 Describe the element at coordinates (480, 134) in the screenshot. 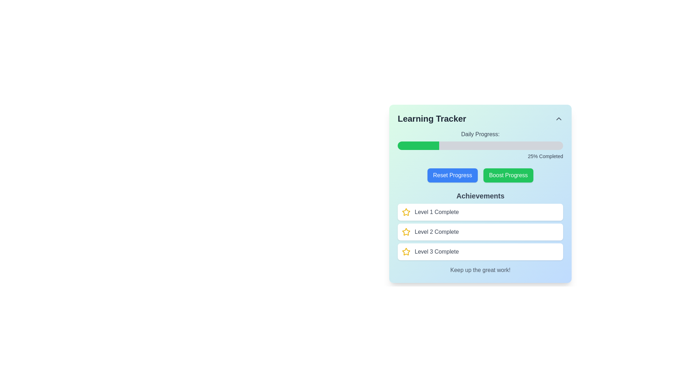

I see `the static text label that indicates the purpose of the progress bar located directly below it, positioned at the top of the component` at that location.